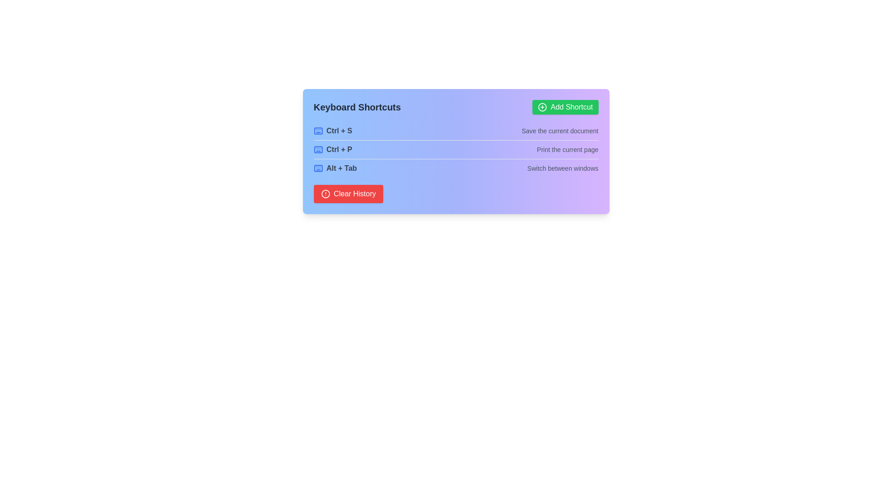 The height and width of the screenshot is (493, 876). I want to click on the Decorative SVG component within the keyboard icon that is part of the 'Keyboard Shortcuts' section, so click(318, 168).